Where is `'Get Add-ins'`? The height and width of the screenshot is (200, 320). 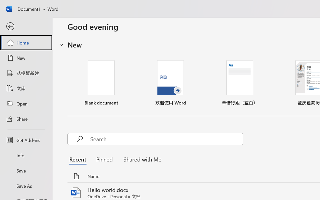
'Get Add-ins' is located at coordinates (26, 140).